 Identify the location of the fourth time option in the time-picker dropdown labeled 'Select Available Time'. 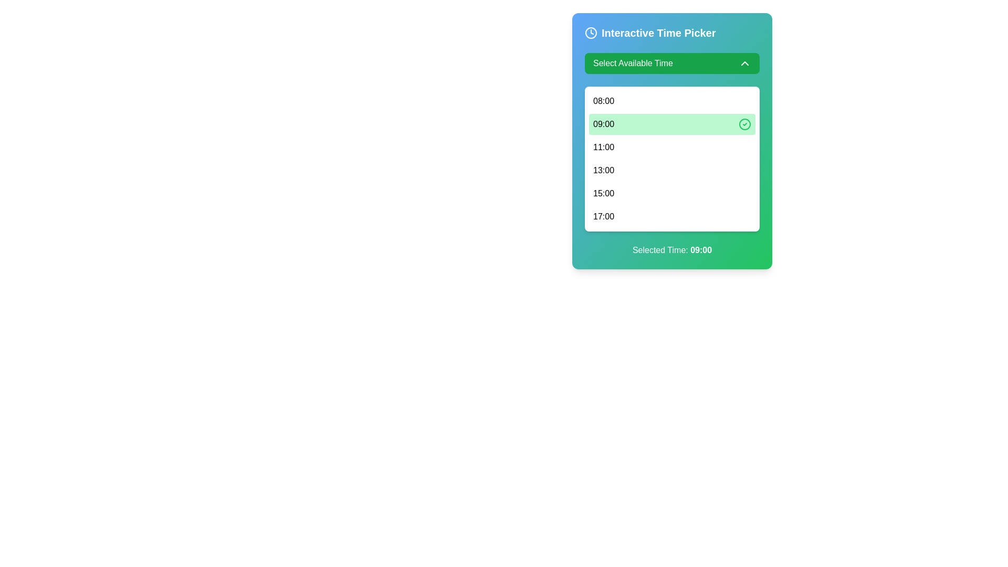
(604, 170).